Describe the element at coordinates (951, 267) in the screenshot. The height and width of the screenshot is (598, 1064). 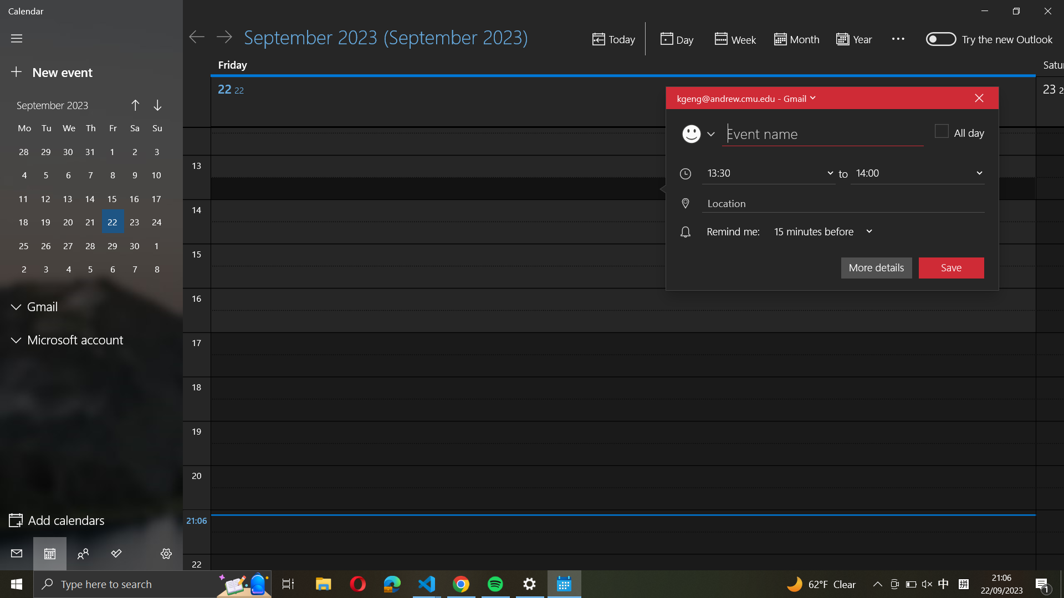
I see `Secure the current occurrence` at that location.